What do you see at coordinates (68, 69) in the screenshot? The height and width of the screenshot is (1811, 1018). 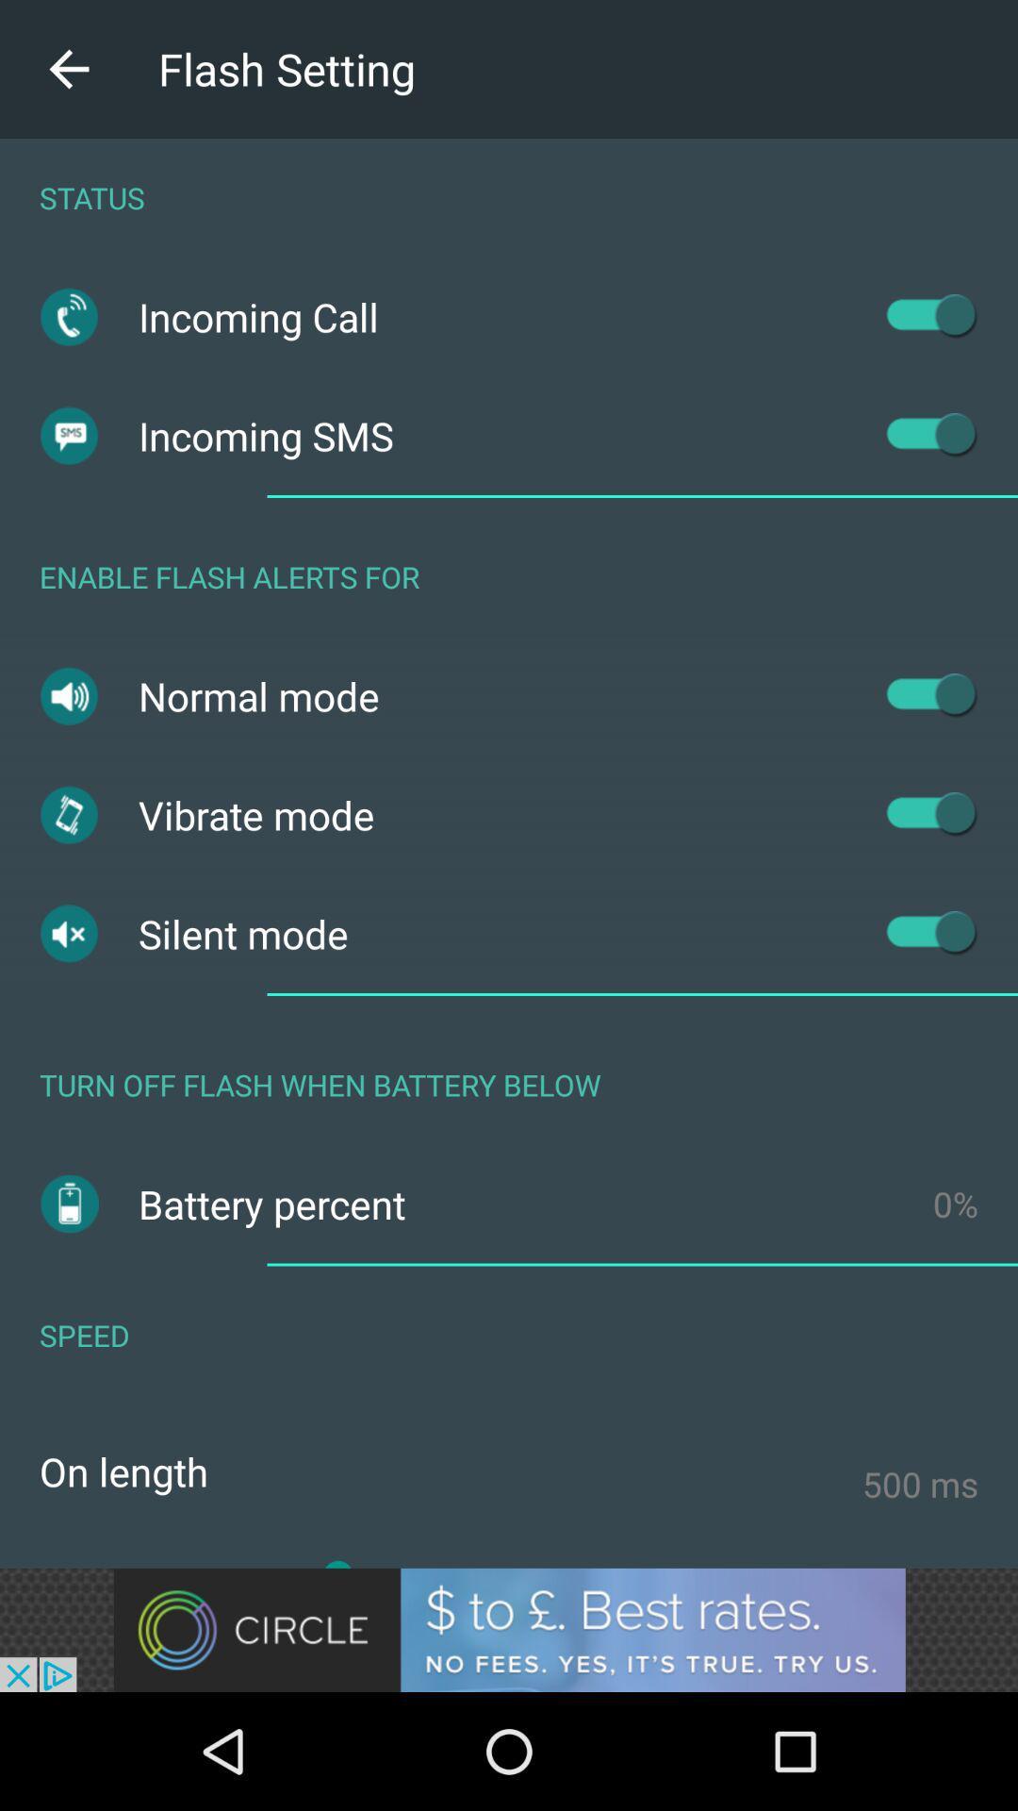 I see `the arrow_backward icon` at bounding box center [68, 69].